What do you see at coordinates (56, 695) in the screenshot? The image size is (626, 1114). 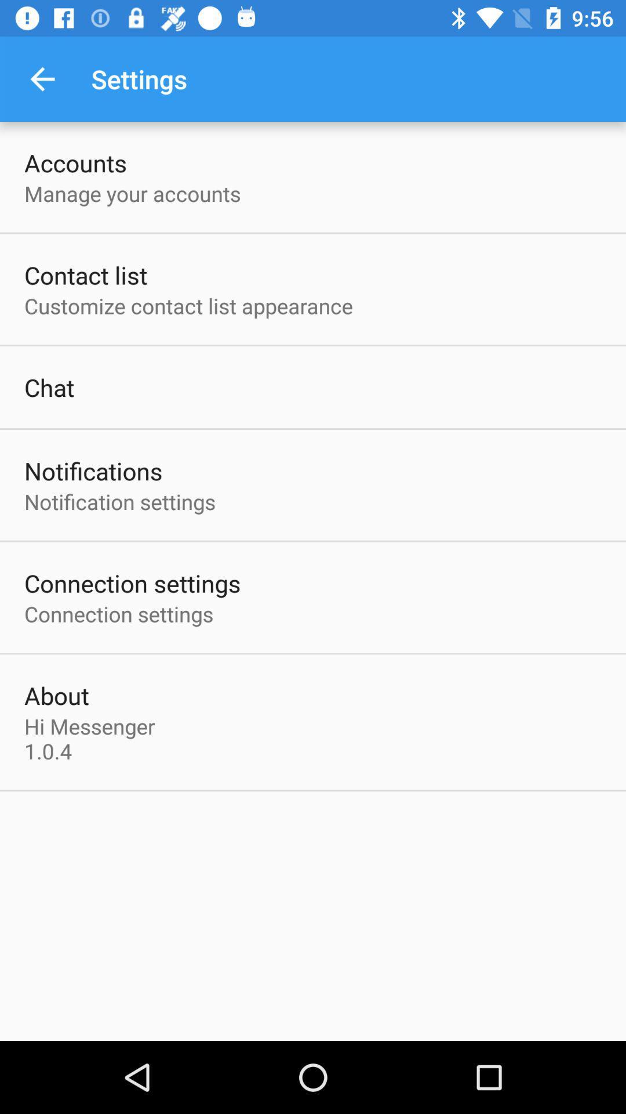 I see `the item above the hi messenger 1 icon` at bounding box center [56, 695].